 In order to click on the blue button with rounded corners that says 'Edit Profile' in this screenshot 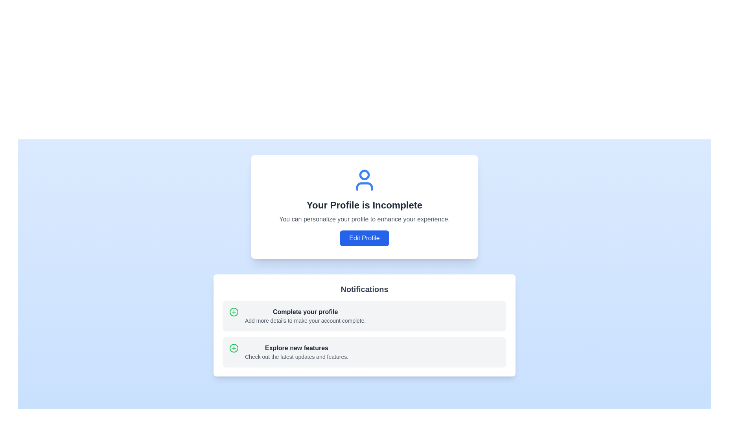, I will do `click(364, 238)`.